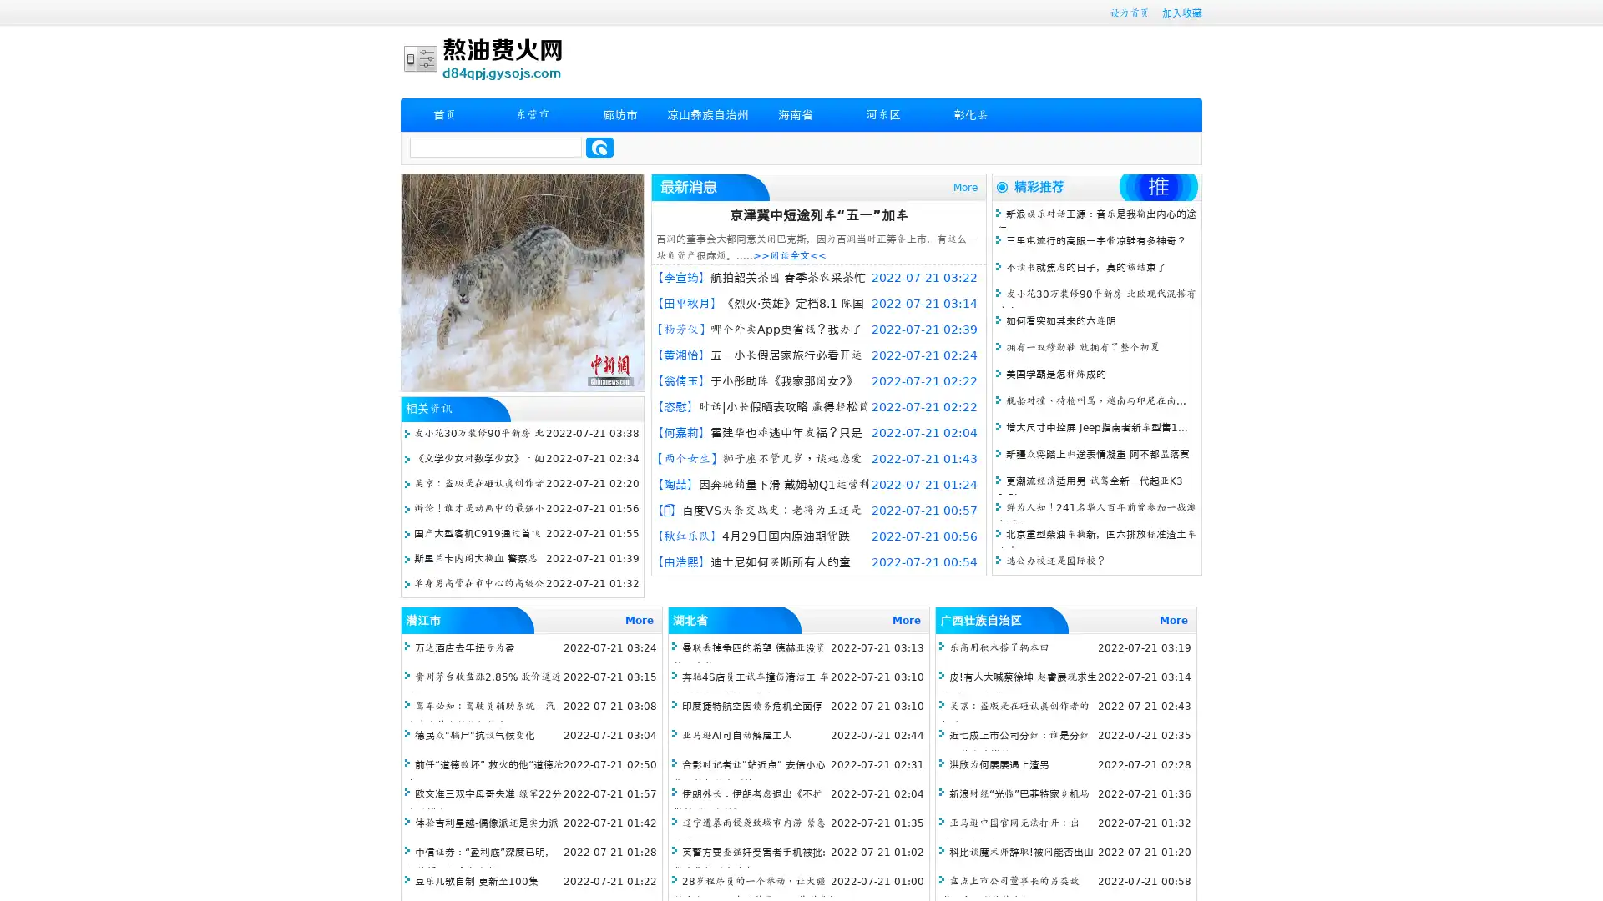 The height and width of the screenshot is (901, 1603). Describe the element at coordinates (599, 147) in the screenshot. I see `Search` at that location.